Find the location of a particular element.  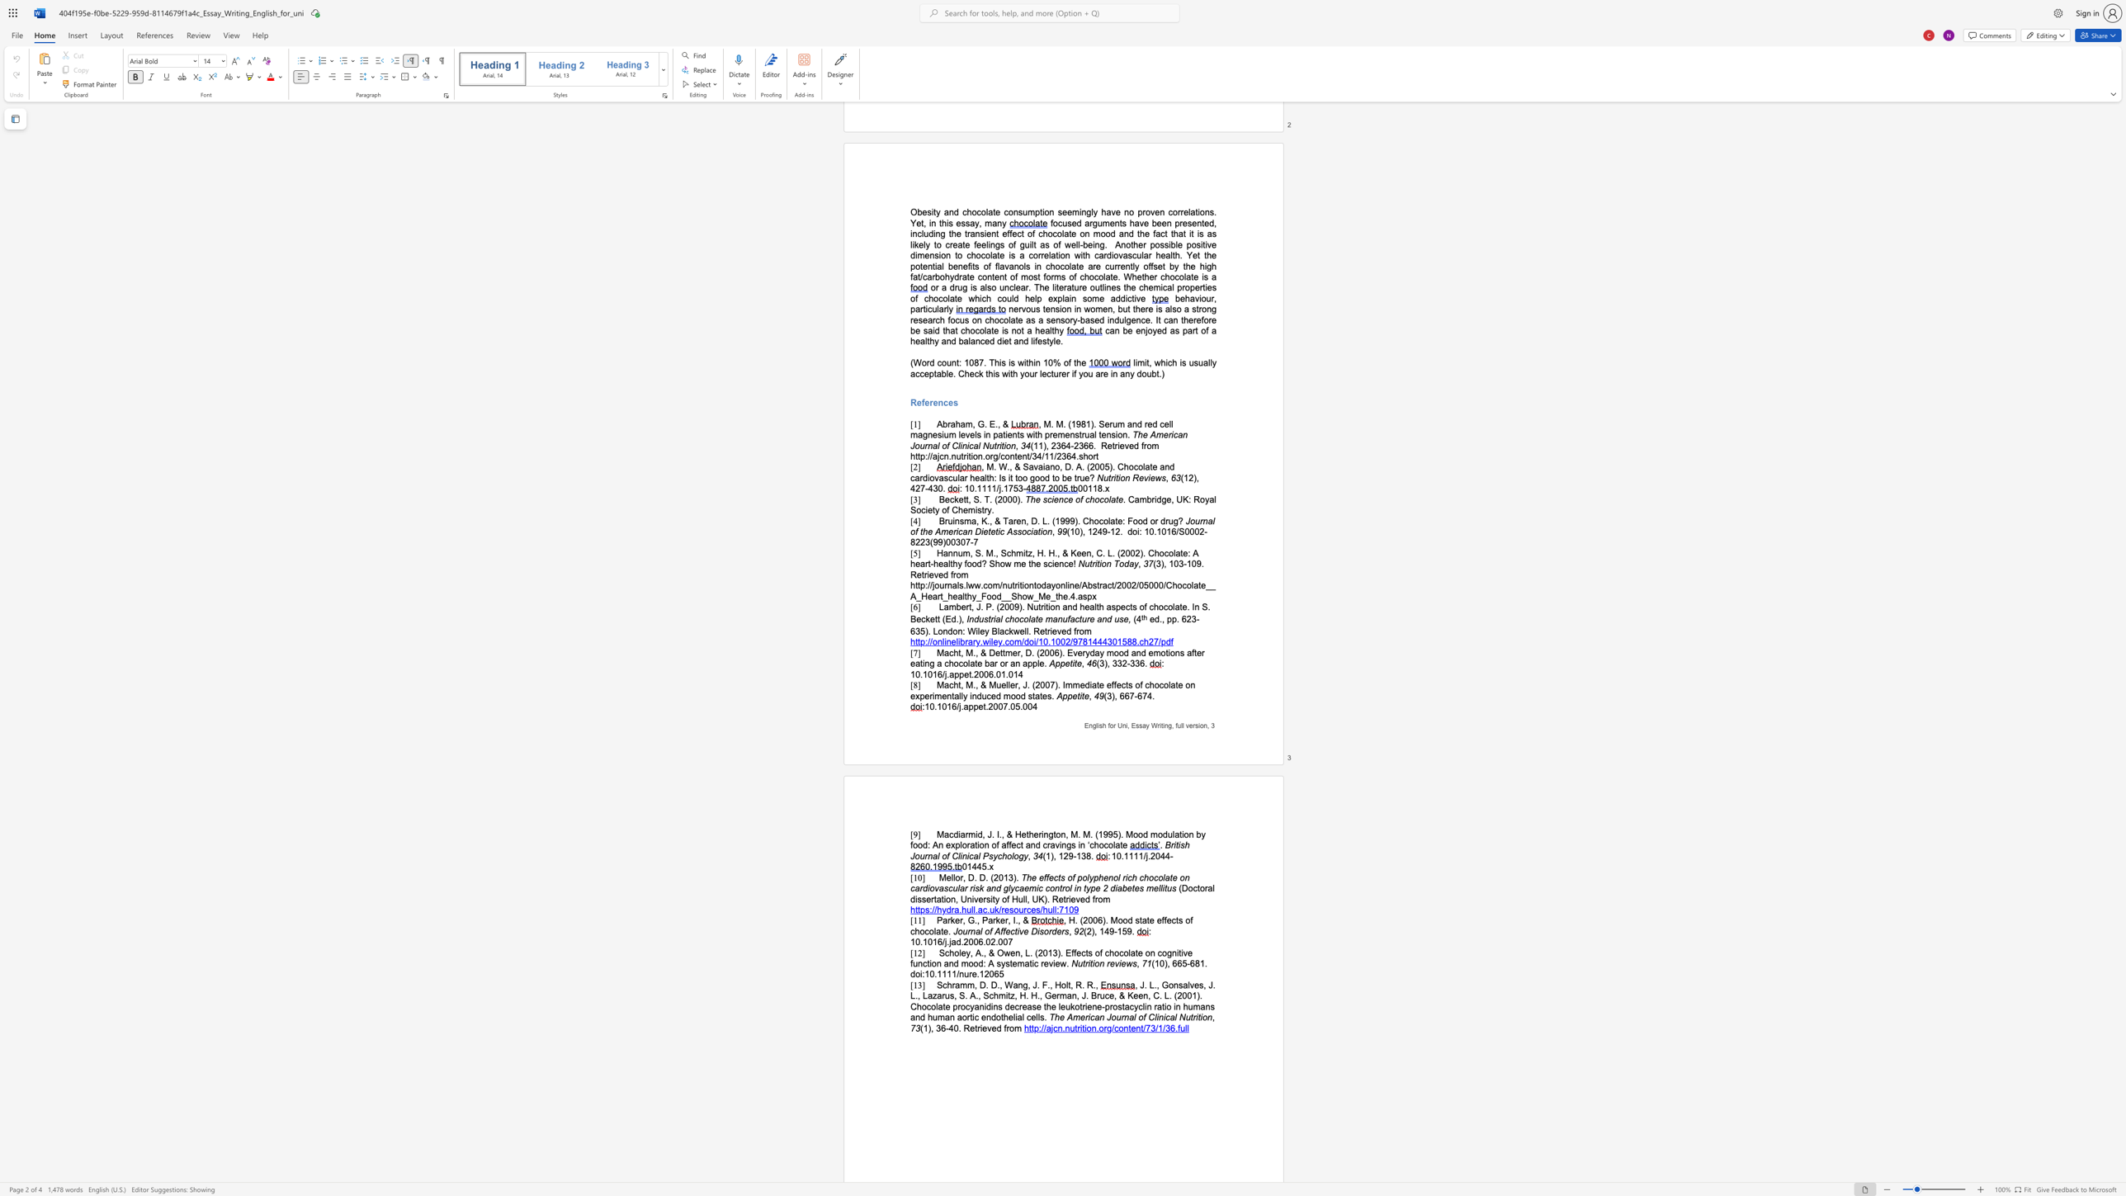

the subset text "ppet.2007.05." within the text "10.1016/j.appet.2007.05.004" is located at coordinates (967, 706).